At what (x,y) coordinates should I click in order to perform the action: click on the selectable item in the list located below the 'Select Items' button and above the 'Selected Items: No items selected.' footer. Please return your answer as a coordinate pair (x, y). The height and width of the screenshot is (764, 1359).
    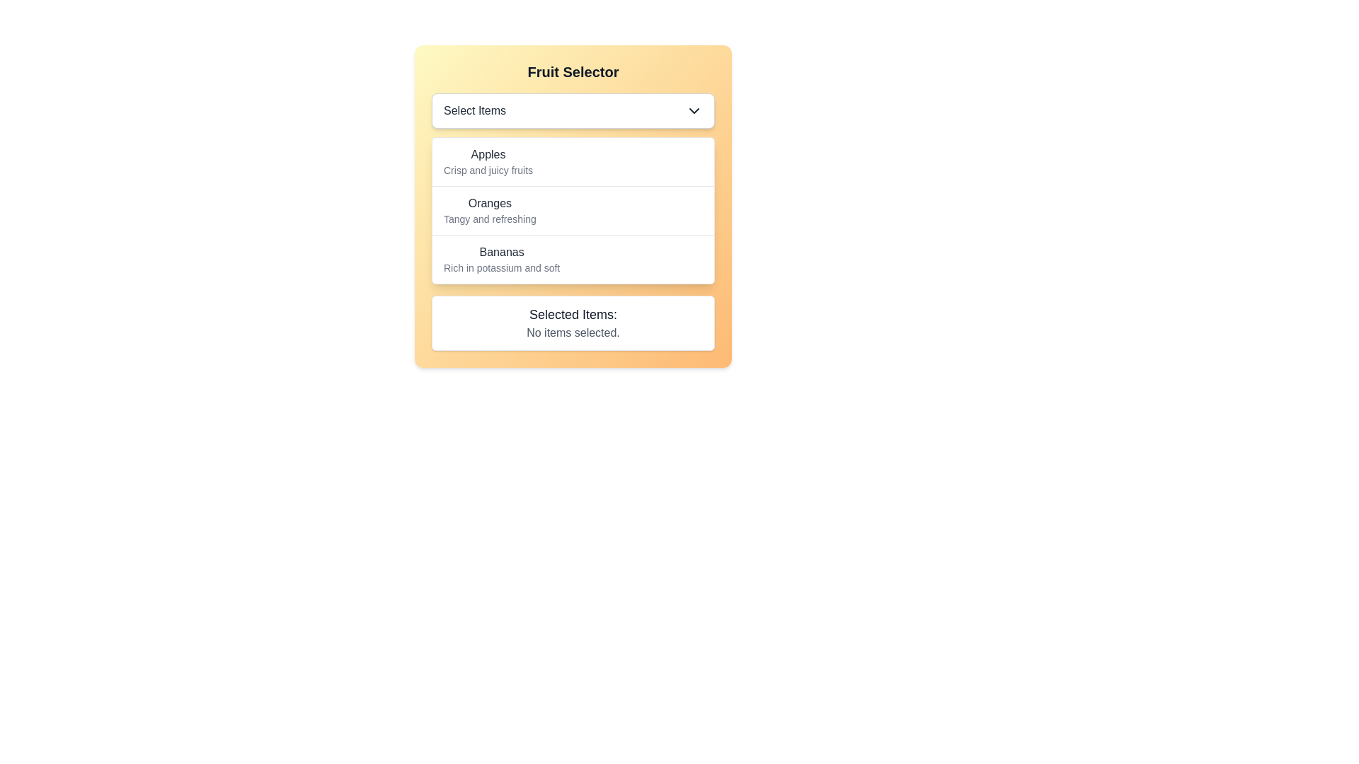
    Looking at the image, I should click on (573, 210).